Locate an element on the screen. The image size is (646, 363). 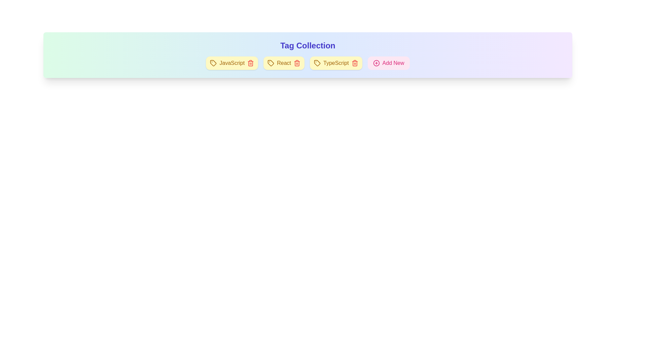
the SVG-based icon representing the 'TypeScript' tag, located to the left of the text 'TypeScript' in the tag collection section at the top of the interface is located at coordinates (317, 63).